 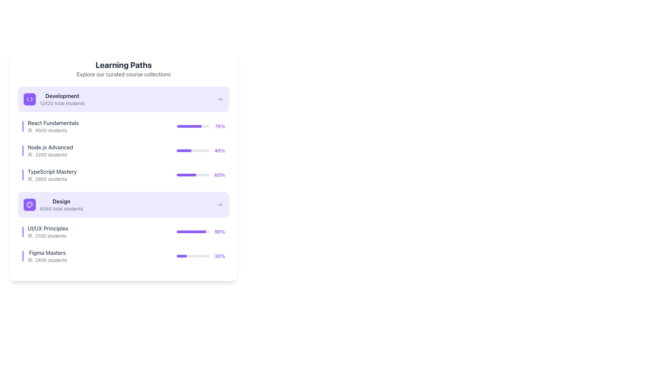 I want to click on the violet-colored progress bar segment that represents 75% completion of the 'React Fundamentals' progress bar, so click(x=189, y=126).